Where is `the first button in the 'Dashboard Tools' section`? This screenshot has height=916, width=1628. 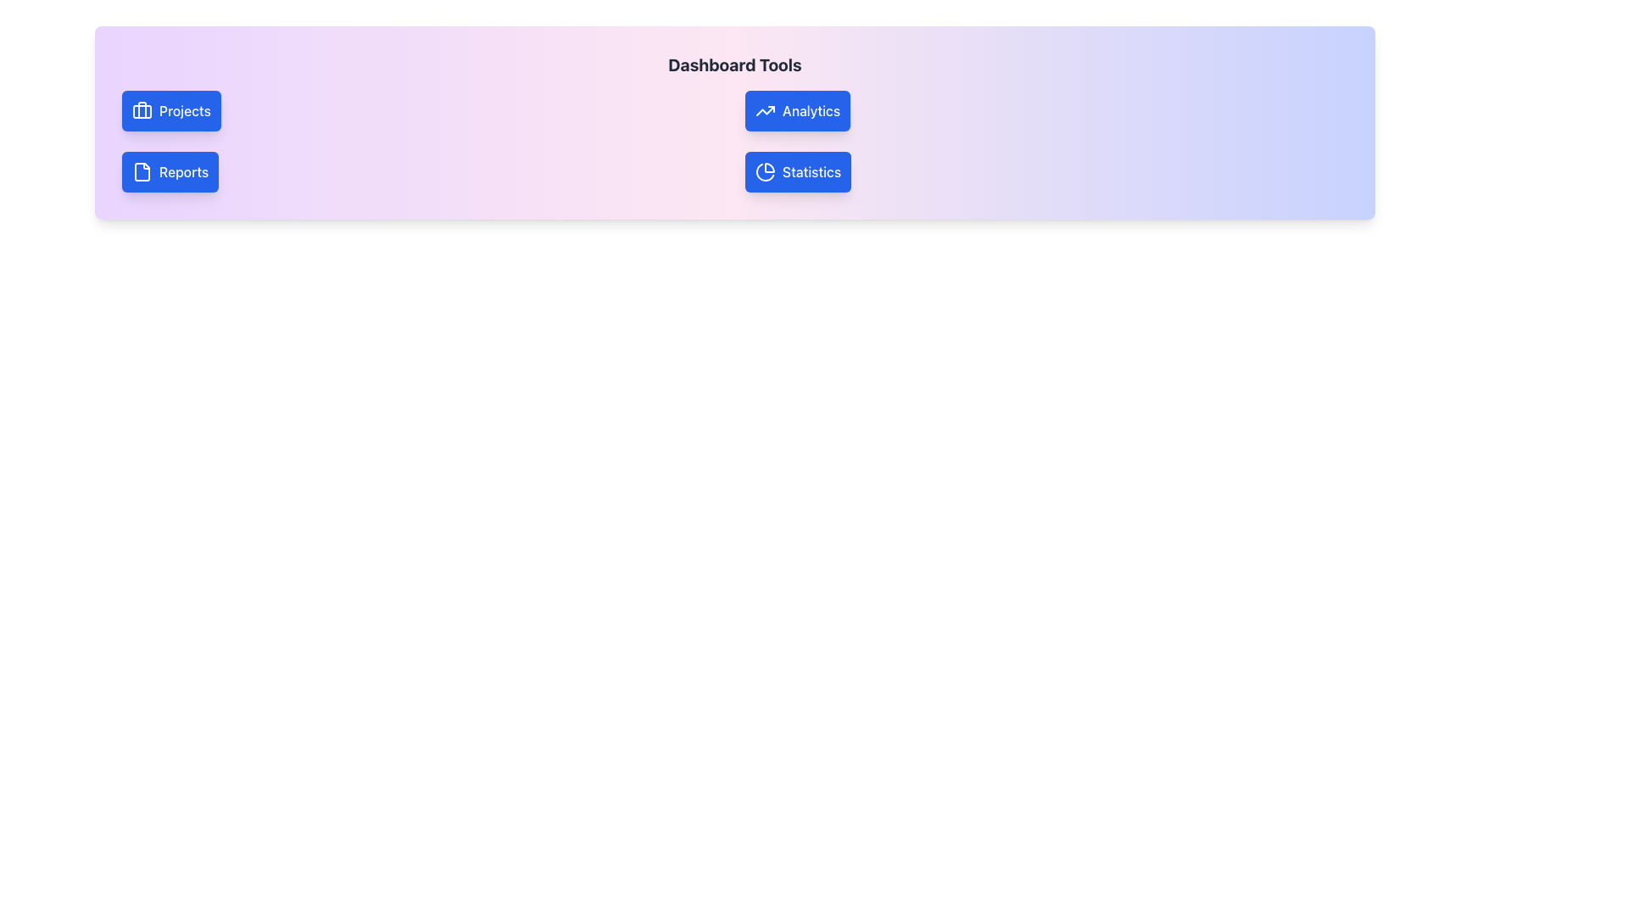
the first button in the 'Dashboard Tools' section is located at coordinates (796, 111).